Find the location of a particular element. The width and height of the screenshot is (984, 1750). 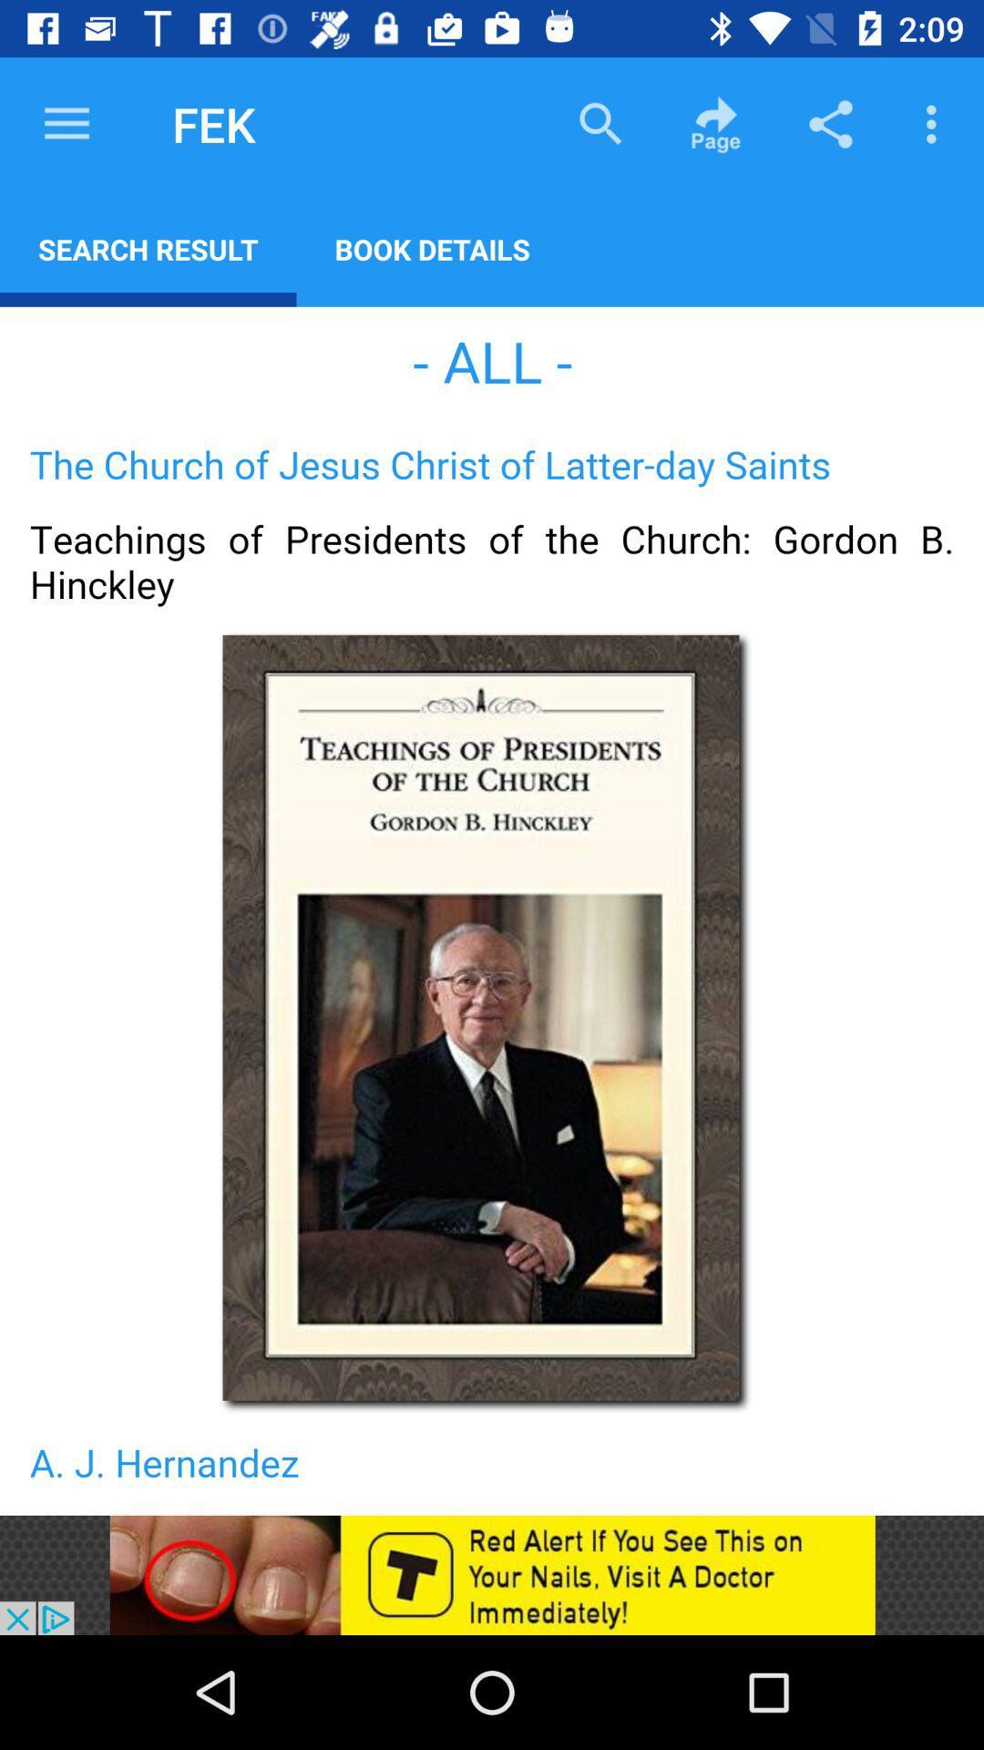

the more icon is located at coordinates (936, 123).